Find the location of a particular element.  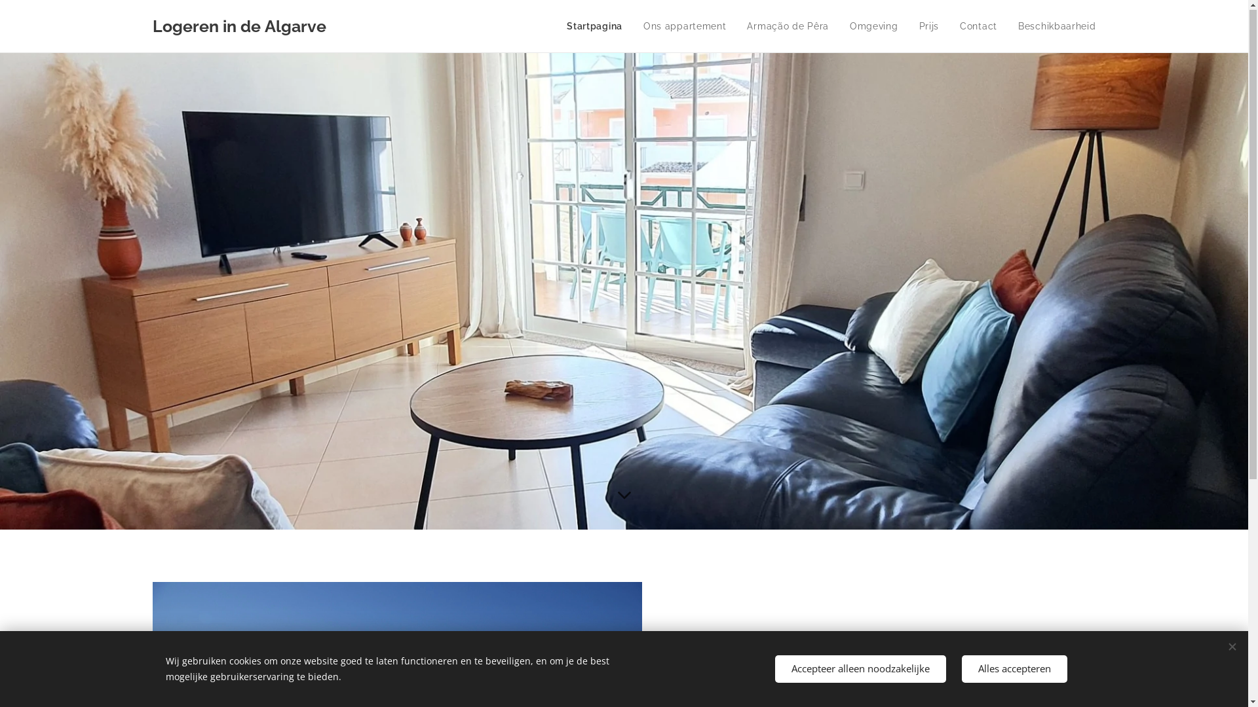

'Prijs' is located at coordinates (928, 27).